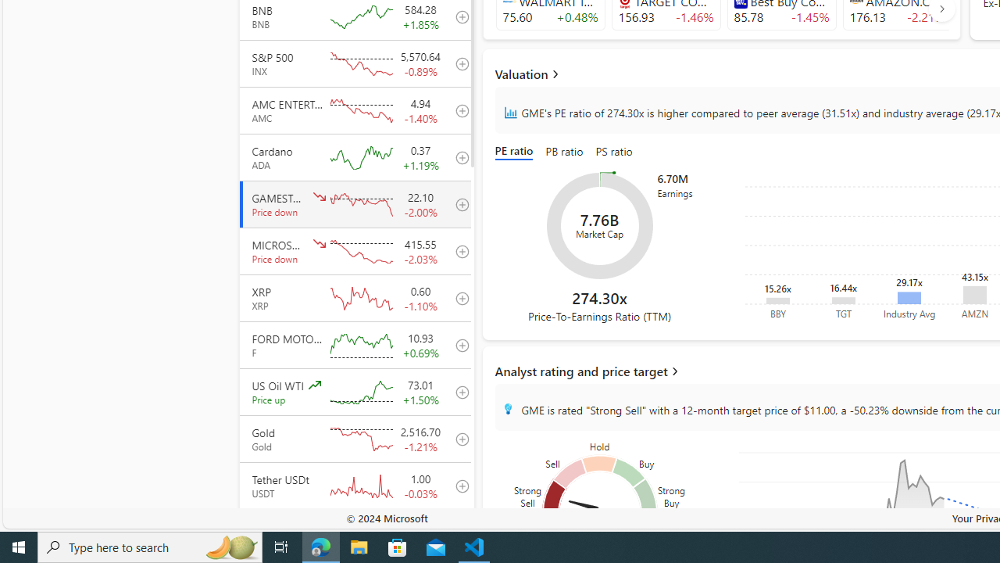 This screenshot has width=1000, height=563. Describe the element at coordinates (941, 8) in the screenshot. I see `'AutomationID: finance_carousel_navi_arrow'` at that location.